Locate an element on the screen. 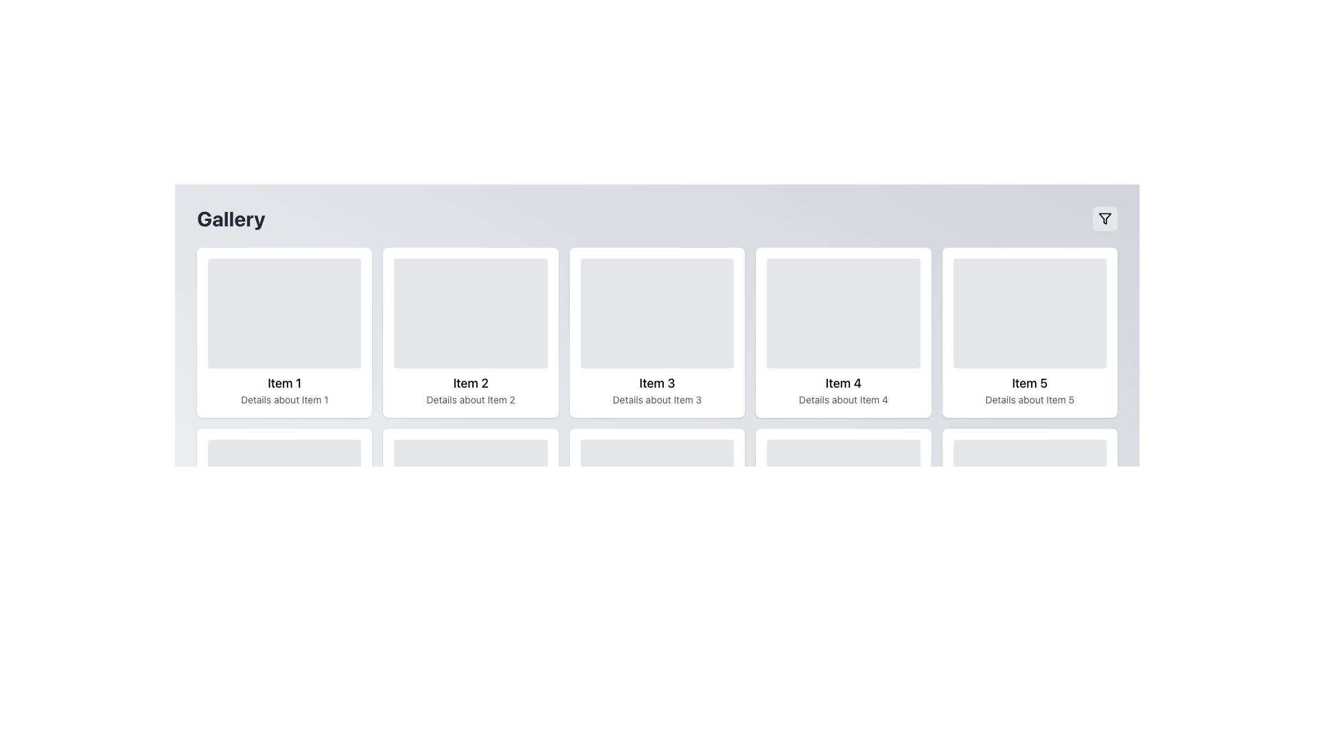  the non-interactive text label that provides descriptive information about 'Item 3', positioned at the bottom of the card associated with 'Item 3' is located at coordinates (656, 399).